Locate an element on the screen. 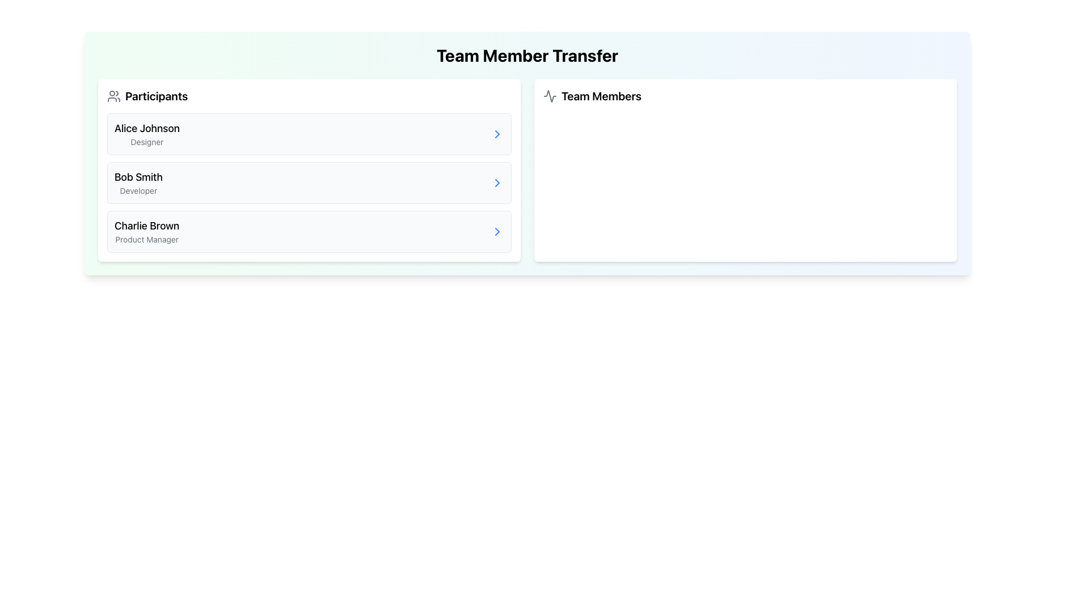  the text label describing the role 'Designer' associated with the participant 'Alice Johnson' in the left panel under the 'Participants' section is located at coordinates (146, 141).